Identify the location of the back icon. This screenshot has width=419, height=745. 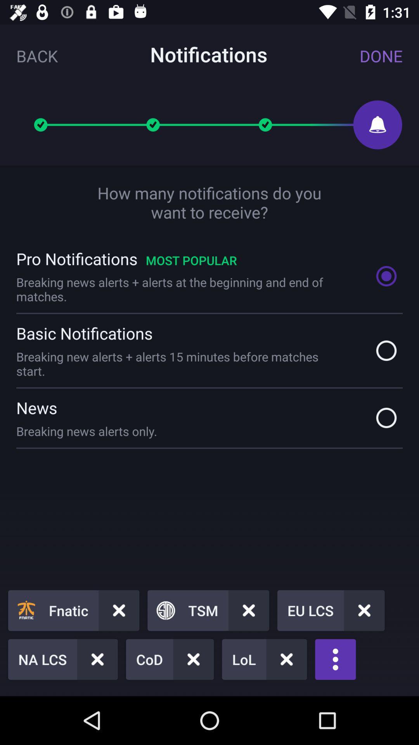
(37, 55).